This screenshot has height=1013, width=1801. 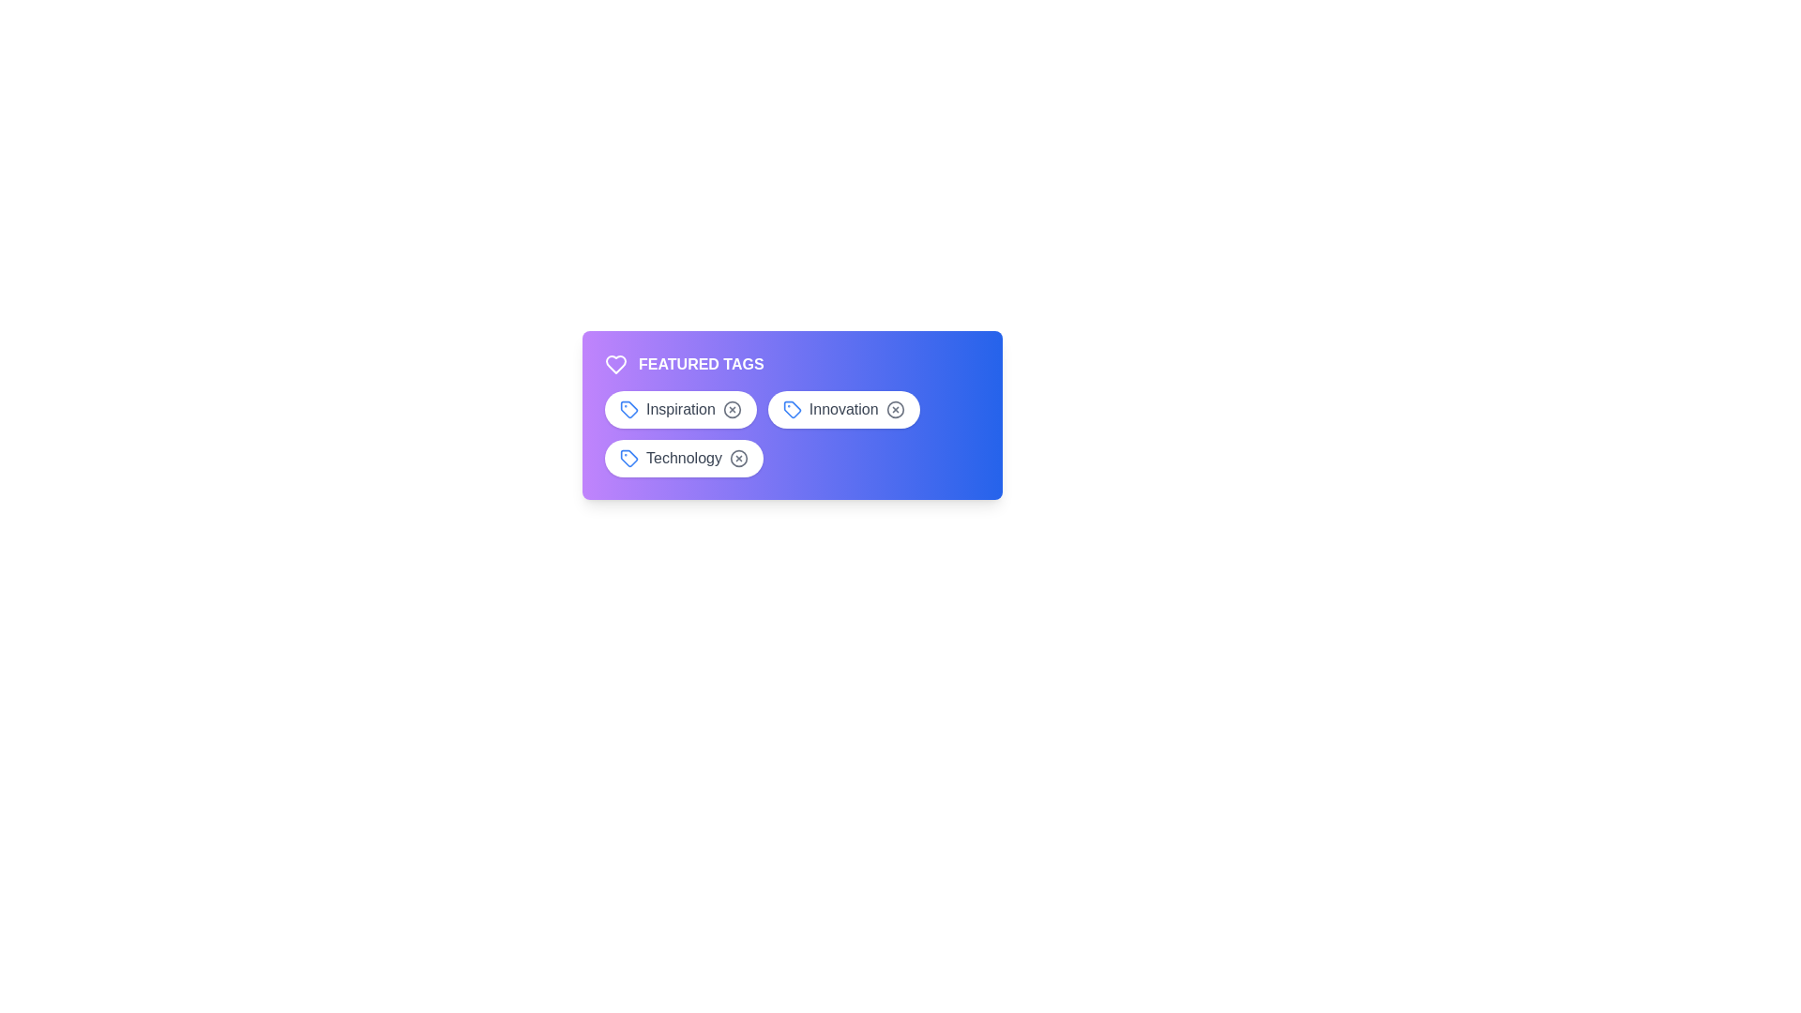 What do you see at coordinates (683, 459) in the screenshot?
I see `the 'Technology' text label, which is the third tag in the 'Featured Tags' list, visually identifying the category it represents` at bounding box center [683, 459].